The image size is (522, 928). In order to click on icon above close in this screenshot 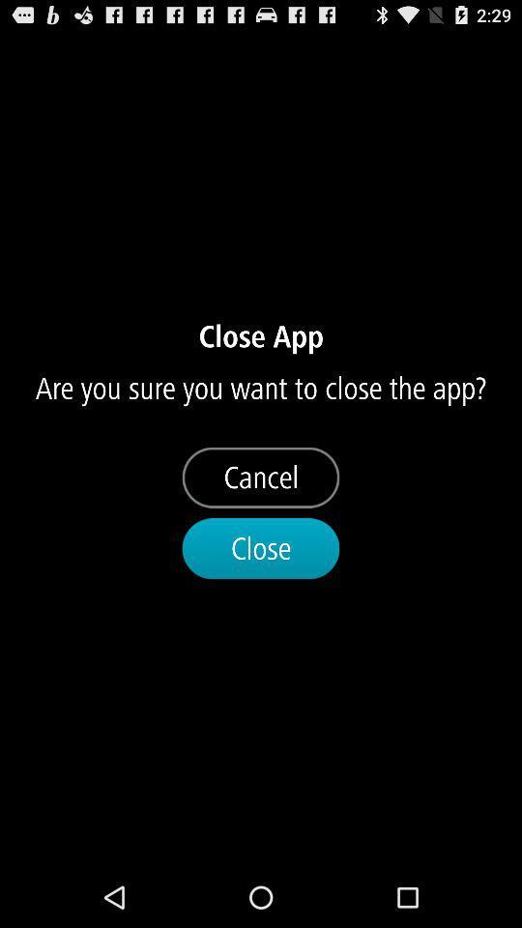, I will do `click(261, 477)`.